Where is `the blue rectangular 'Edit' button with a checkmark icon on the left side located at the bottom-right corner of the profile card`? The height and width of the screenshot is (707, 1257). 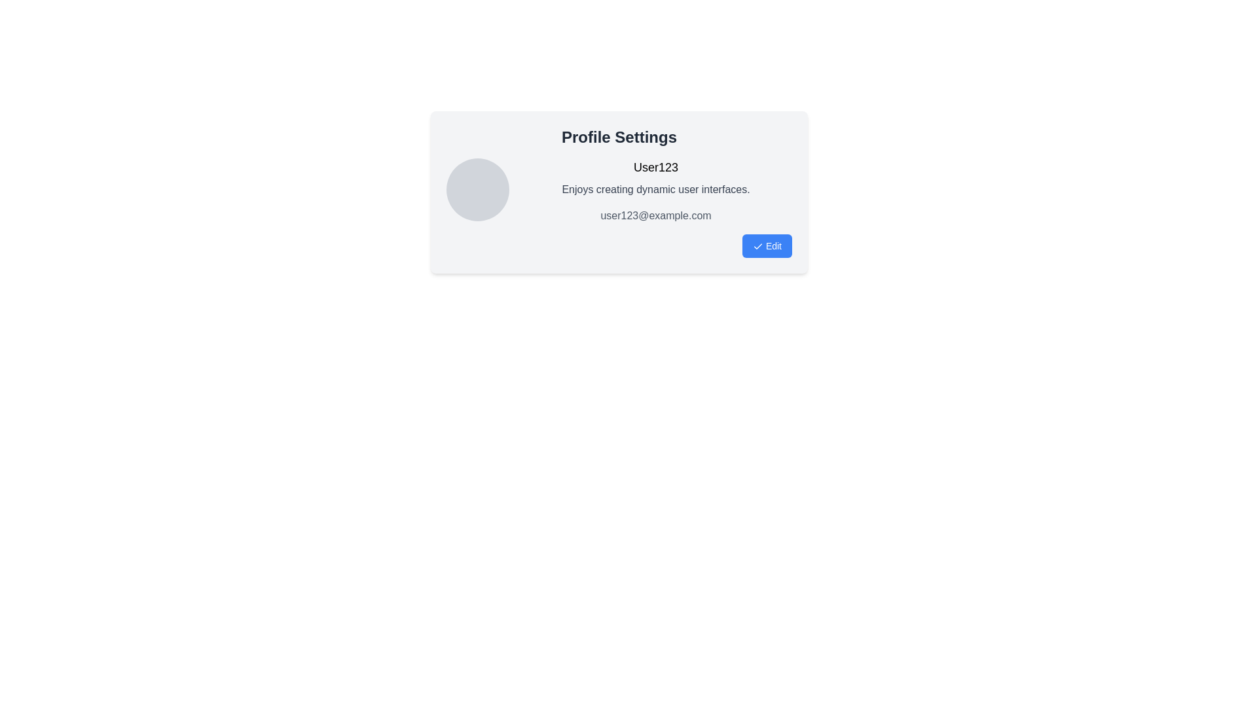
the blue rectangular 'Edit' button with a checkmark icon on the left side located at the bottom-right corner of the profile card is located at coordinates (767, 245).